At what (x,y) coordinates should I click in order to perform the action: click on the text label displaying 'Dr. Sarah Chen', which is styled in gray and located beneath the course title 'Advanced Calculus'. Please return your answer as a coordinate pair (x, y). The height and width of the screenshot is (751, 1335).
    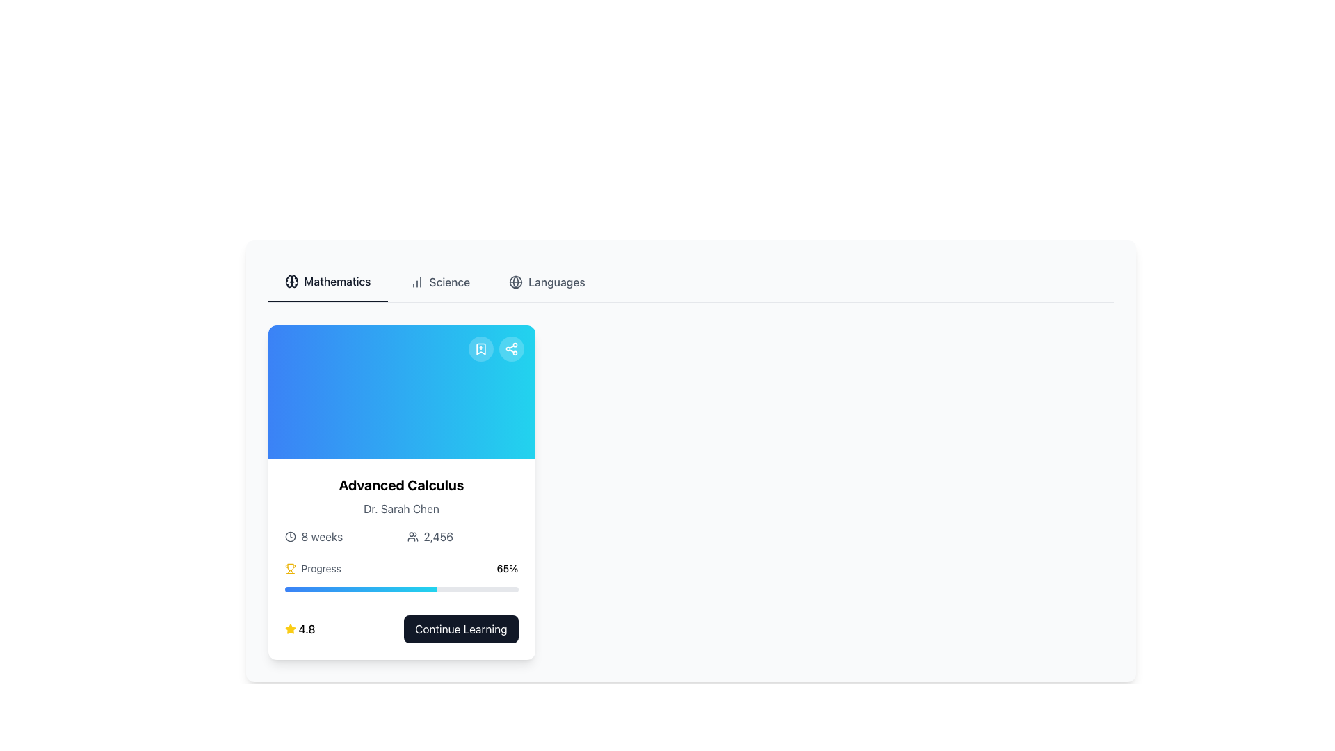
    Looking at the image, I should click on (400, 509).